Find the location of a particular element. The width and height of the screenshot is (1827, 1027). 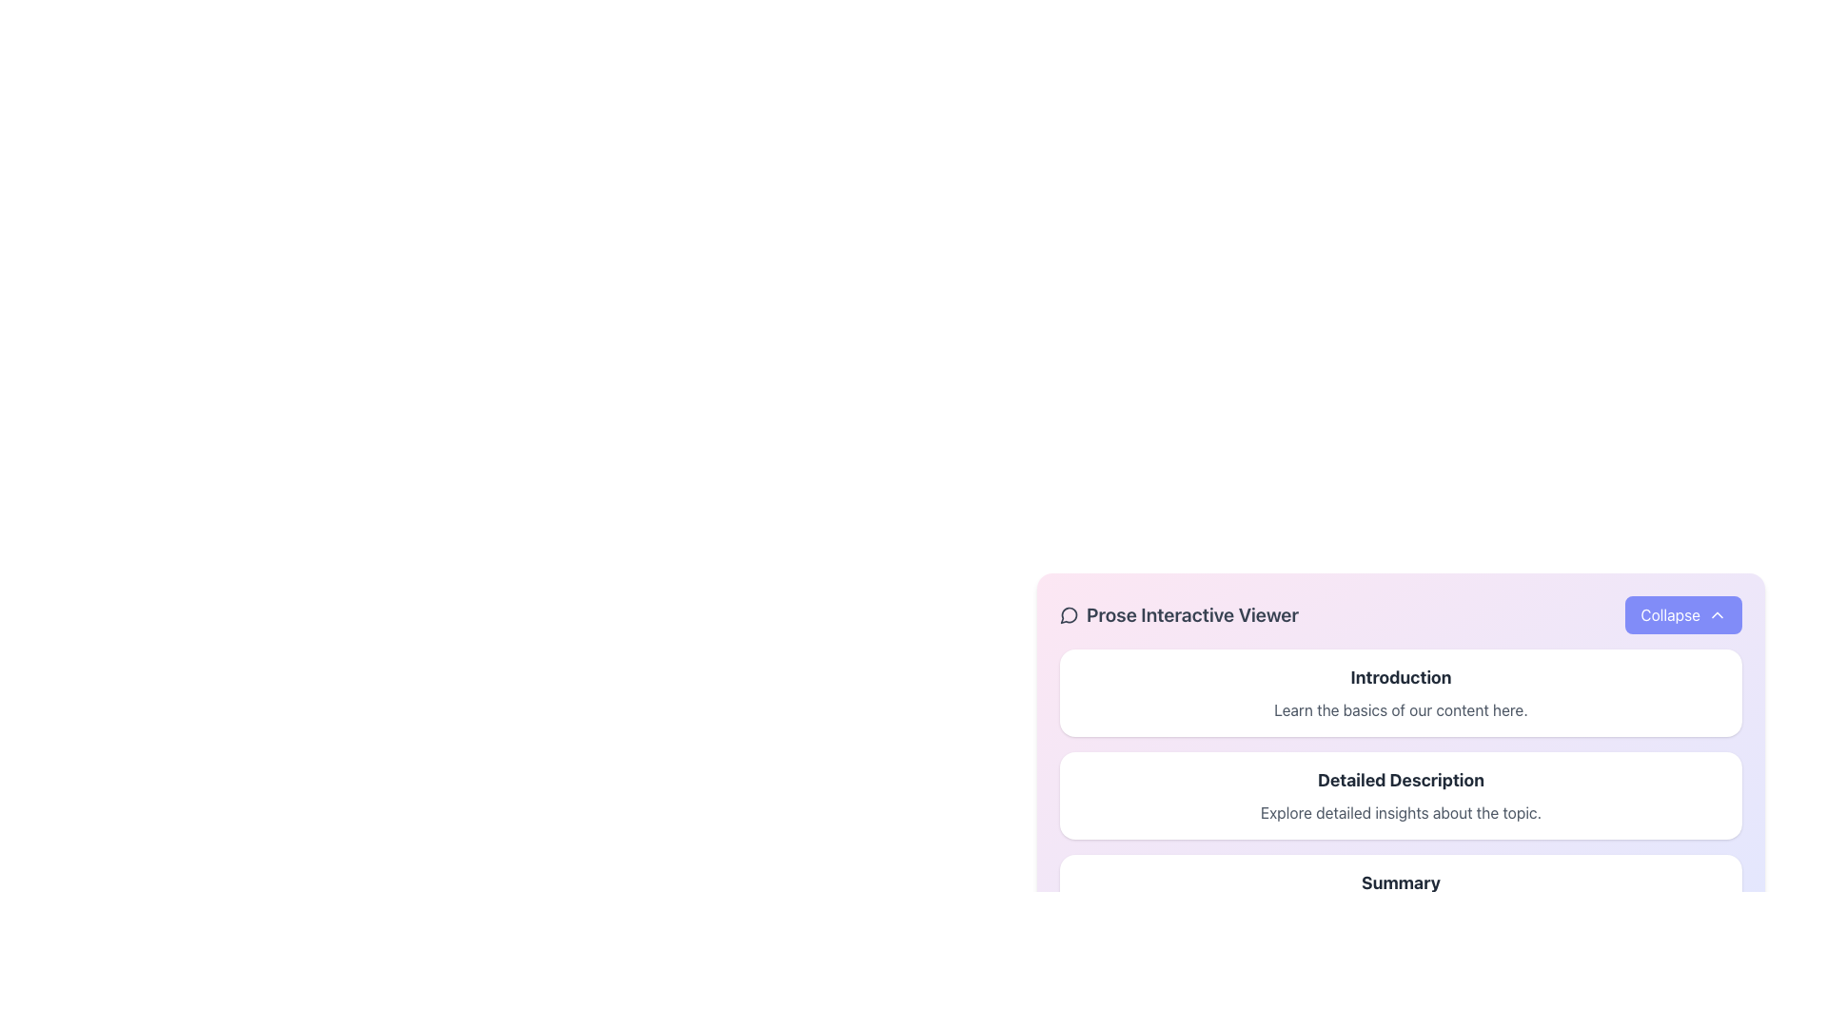

the speech bubble icon in the Prose Interactive Viewer panel, which is a vector graphic styled with smooth curves and thin strokes is located at coordinates (1069, 615).